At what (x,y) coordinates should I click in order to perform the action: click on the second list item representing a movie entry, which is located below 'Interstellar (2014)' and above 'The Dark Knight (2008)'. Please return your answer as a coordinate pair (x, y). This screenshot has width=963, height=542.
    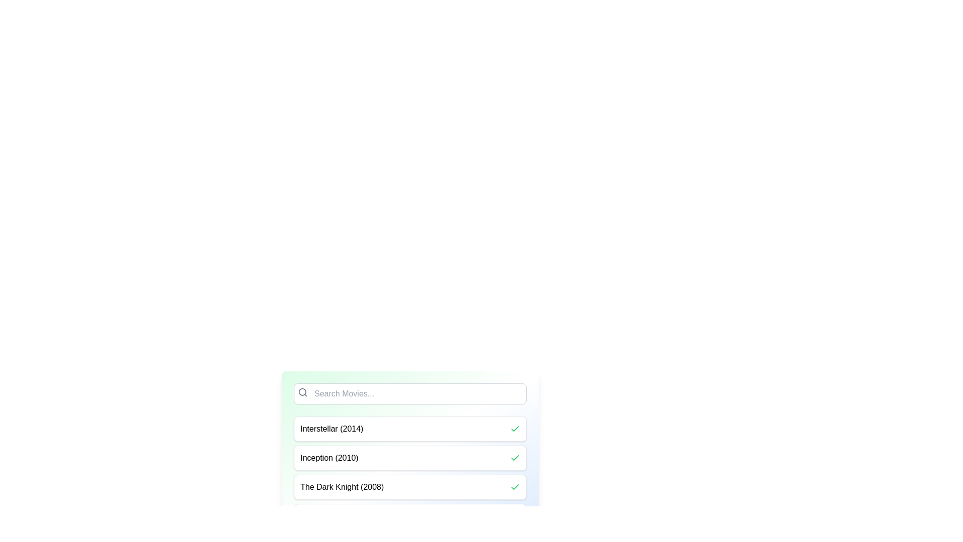
    Looking at the image, I should click on (410, 458).